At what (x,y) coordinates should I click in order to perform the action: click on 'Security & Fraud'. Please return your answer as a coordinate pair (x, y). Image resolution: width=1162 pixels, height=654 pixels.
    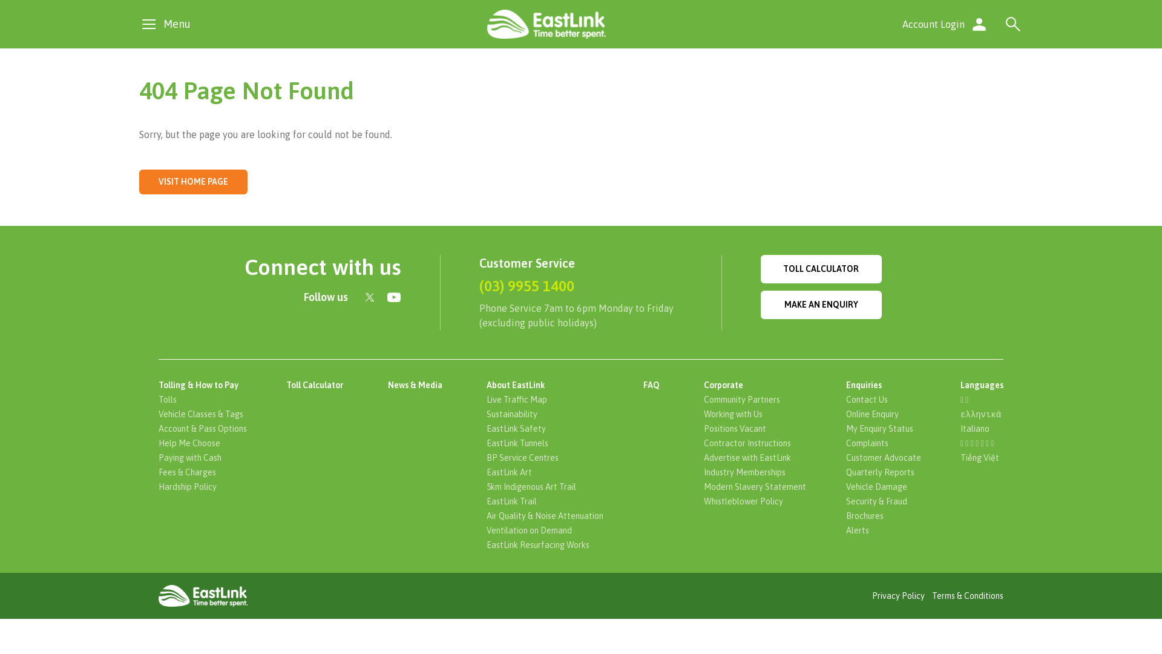
    Looking at the image, I should click on (845, 501).